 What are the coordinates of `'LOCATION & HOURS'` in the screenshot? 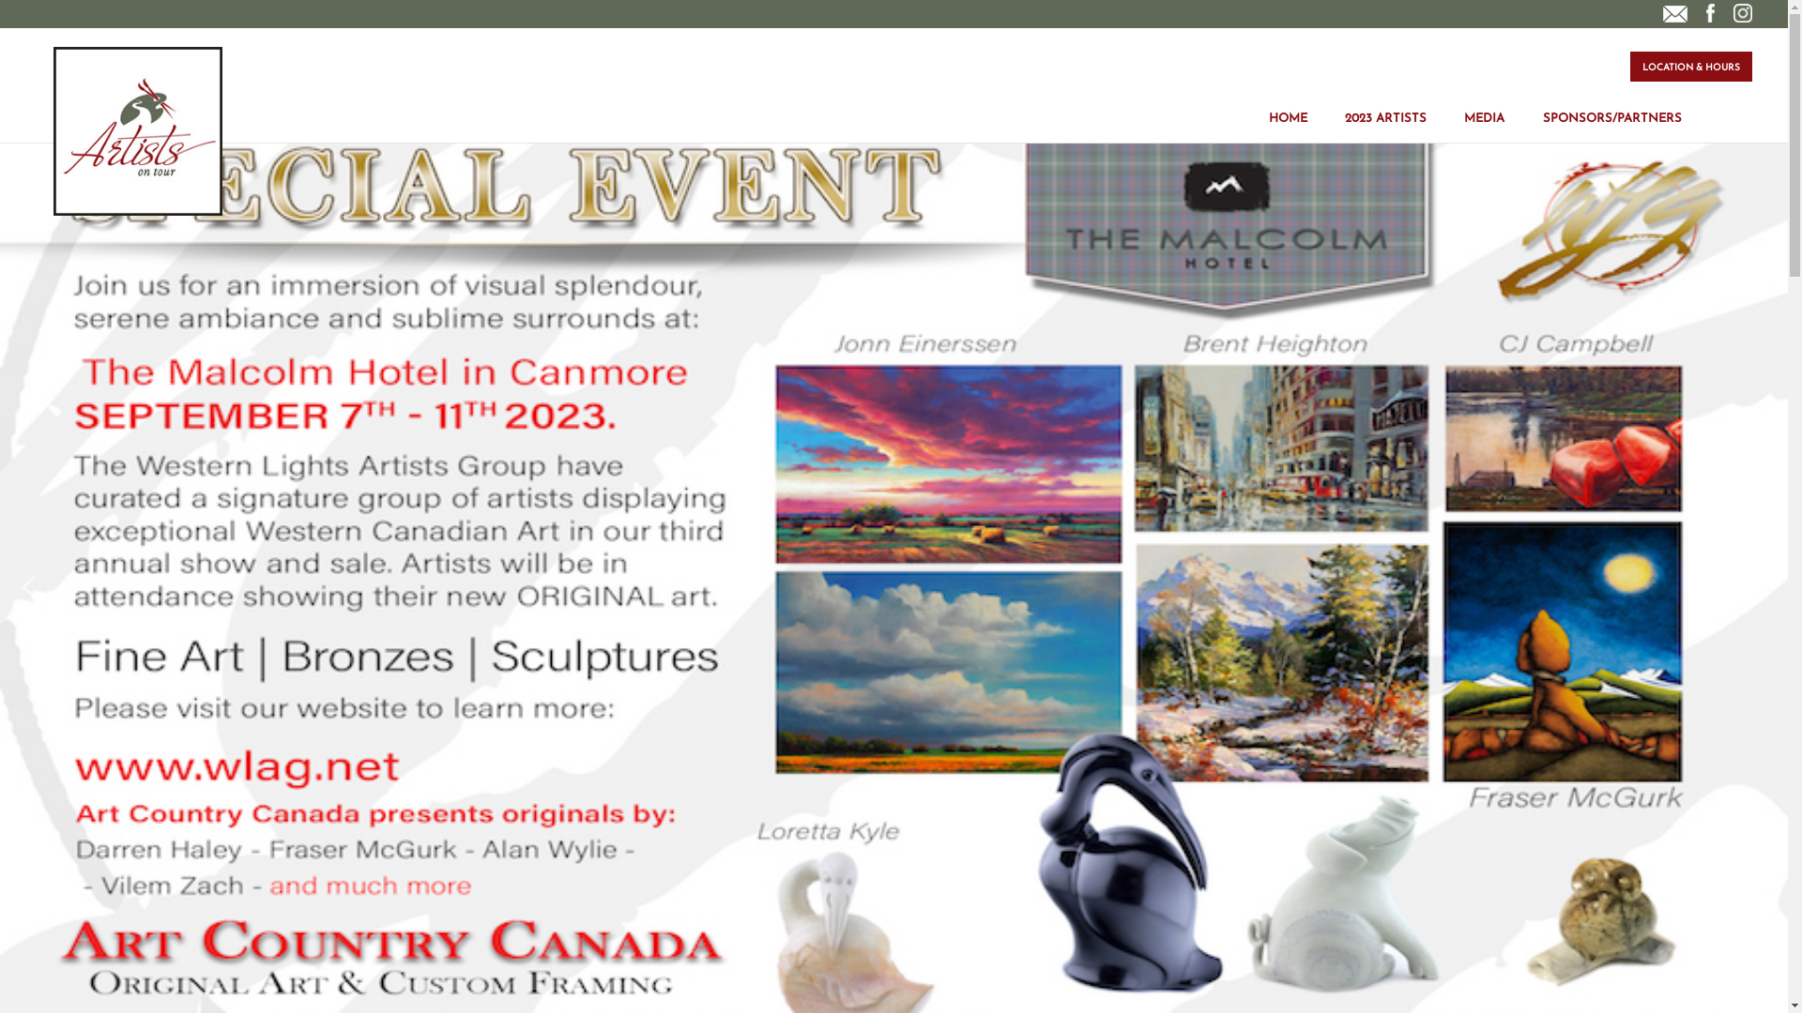 It's located at (1690, 65).